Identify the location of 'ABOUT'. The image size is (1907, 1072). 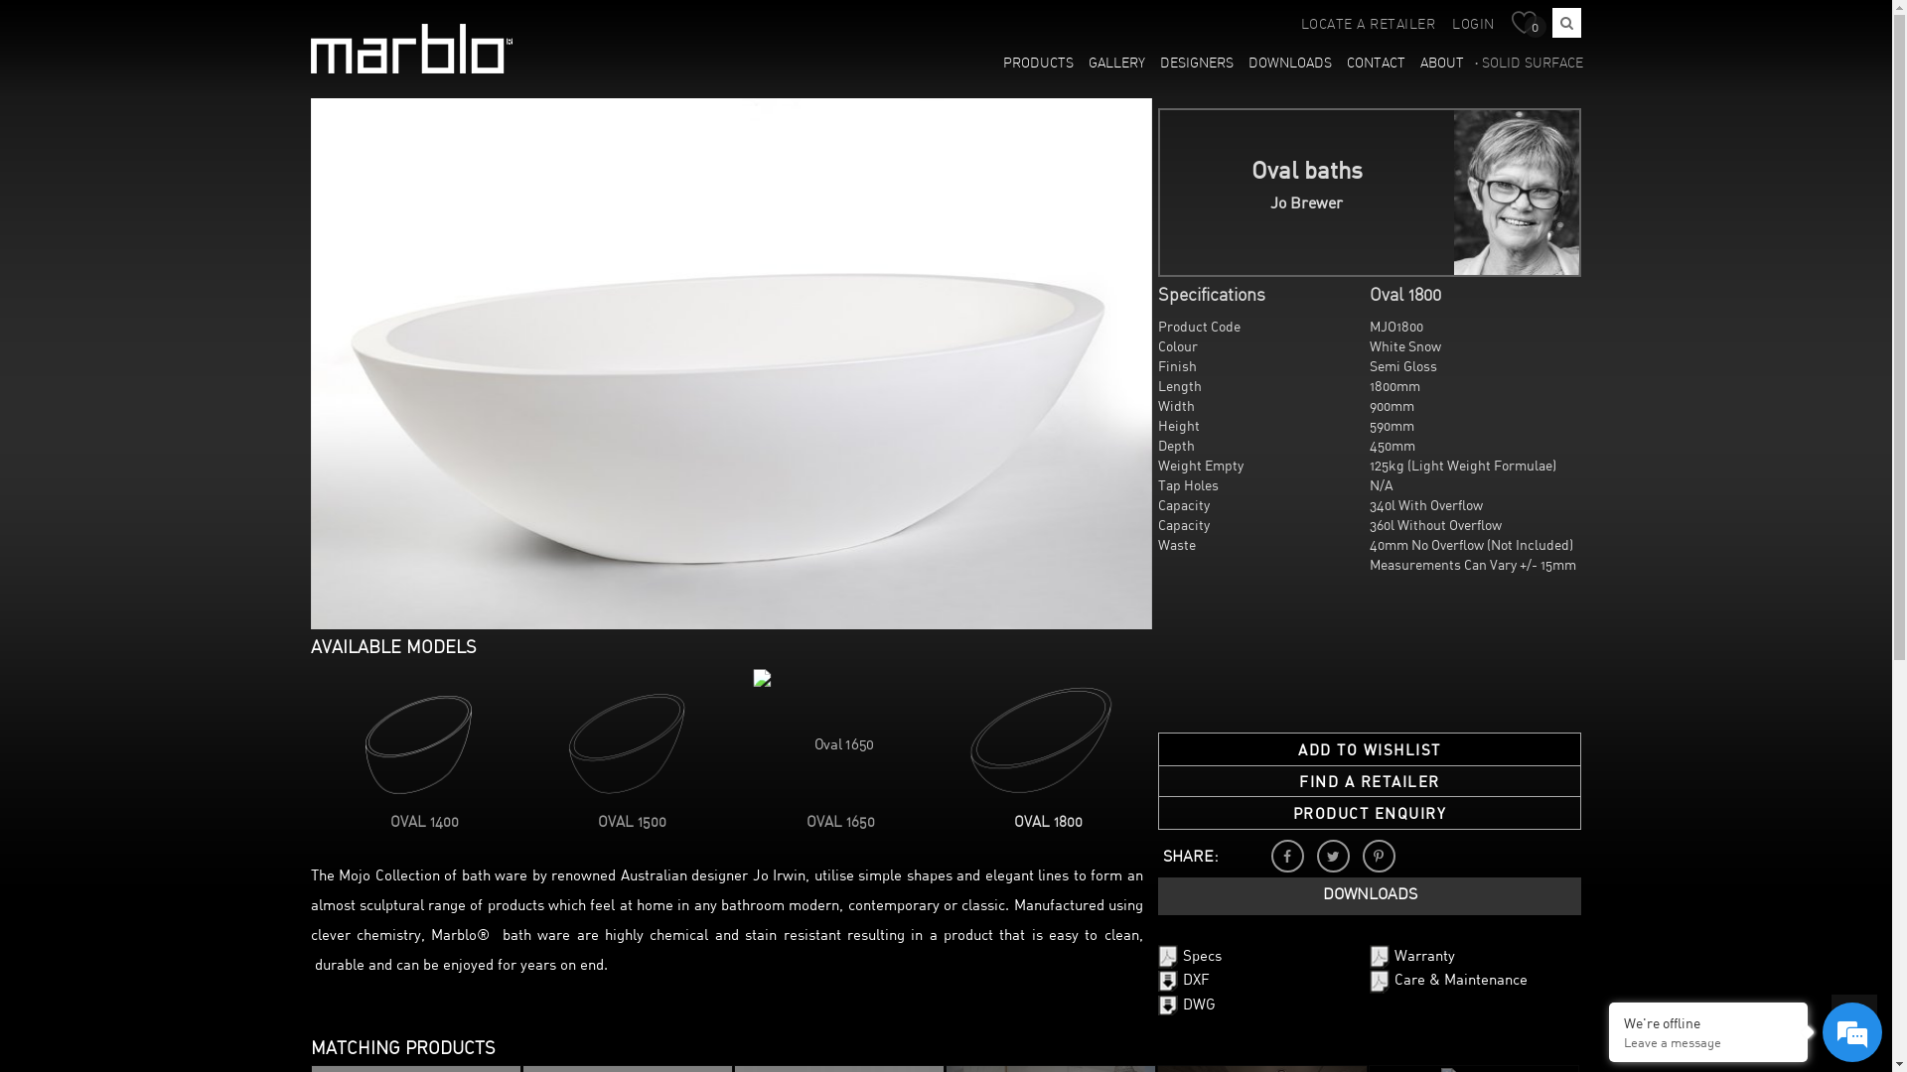
(1442, 64).